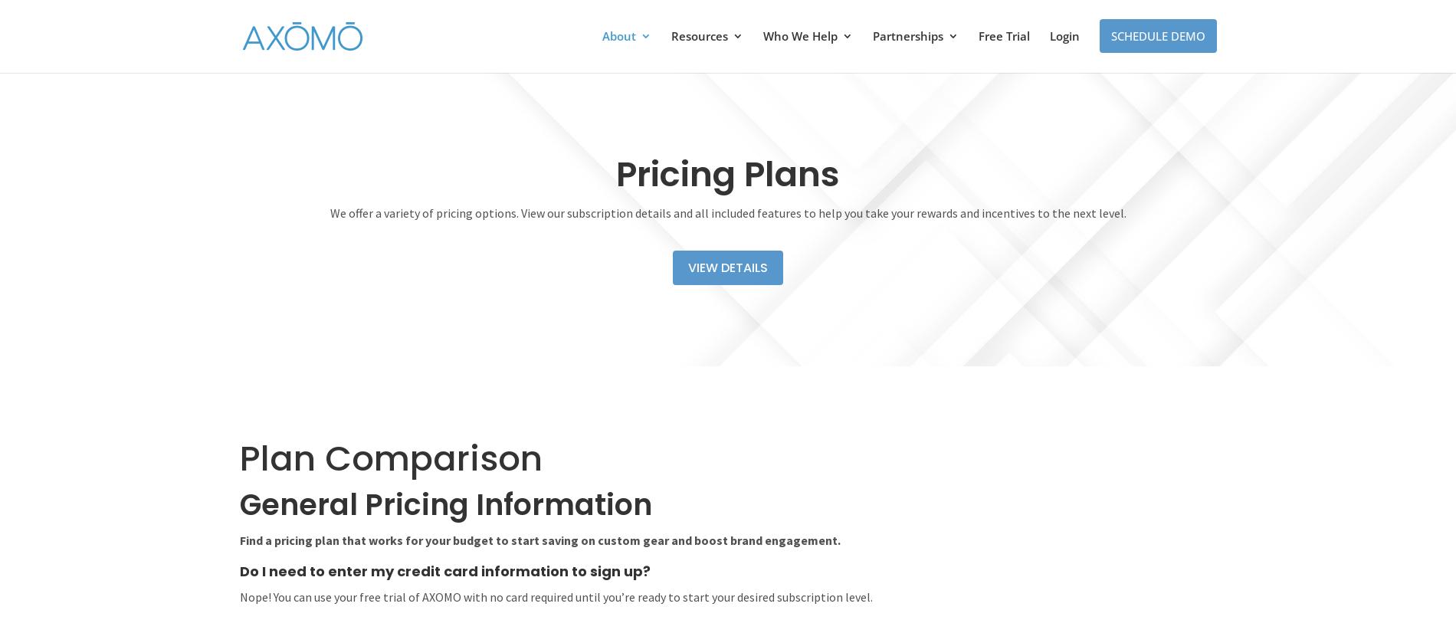 This screenshot has height=620, width=1456. Describe the element at coordinates (669, 36) in the screenshot. I see `'Resources'` at that location.